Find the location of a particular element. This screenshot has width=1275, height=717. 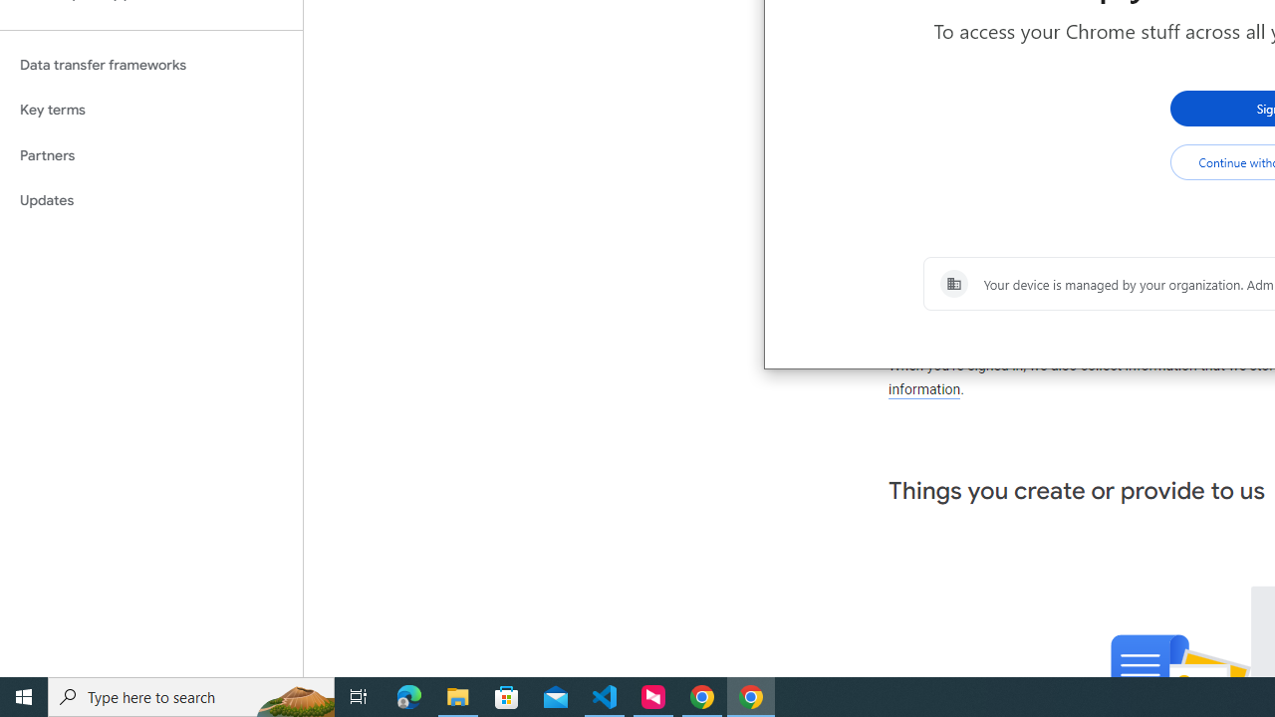

'File Explorer - 1 running window' is located at coordinates (457, 695).